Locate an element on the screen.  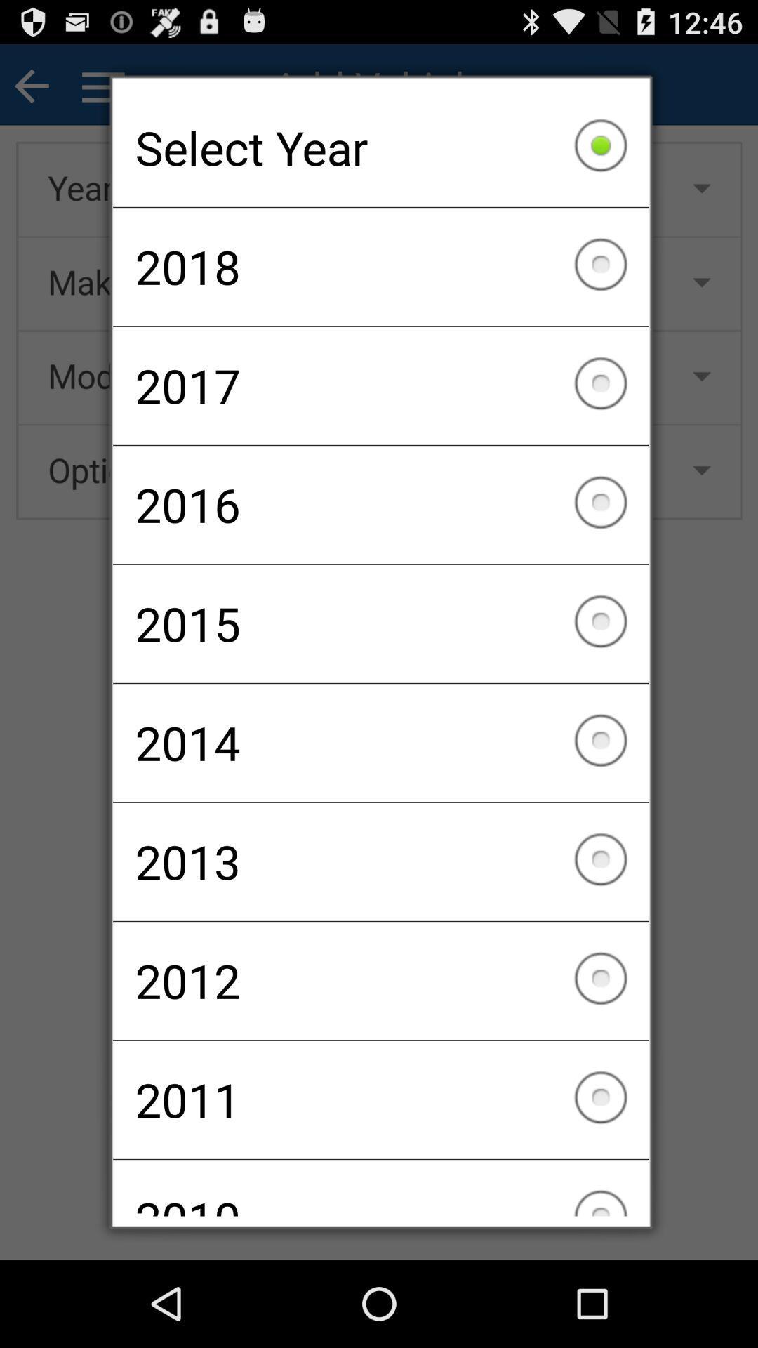
2013 icon is located at coordinates (380, 861).